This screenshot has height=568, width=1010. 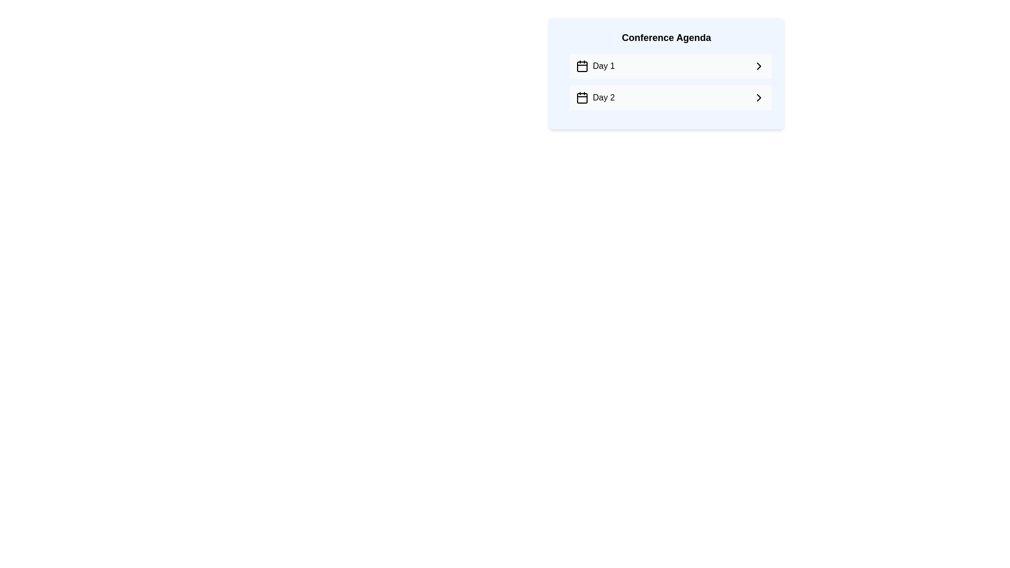 What do you see at coordinates (759, 97) in the screenshot?
I see `the right-pointing chevron icon located at the end of the 'Day 2' row in the 'Conference Agenda' section` at bounding box center [759, 97].